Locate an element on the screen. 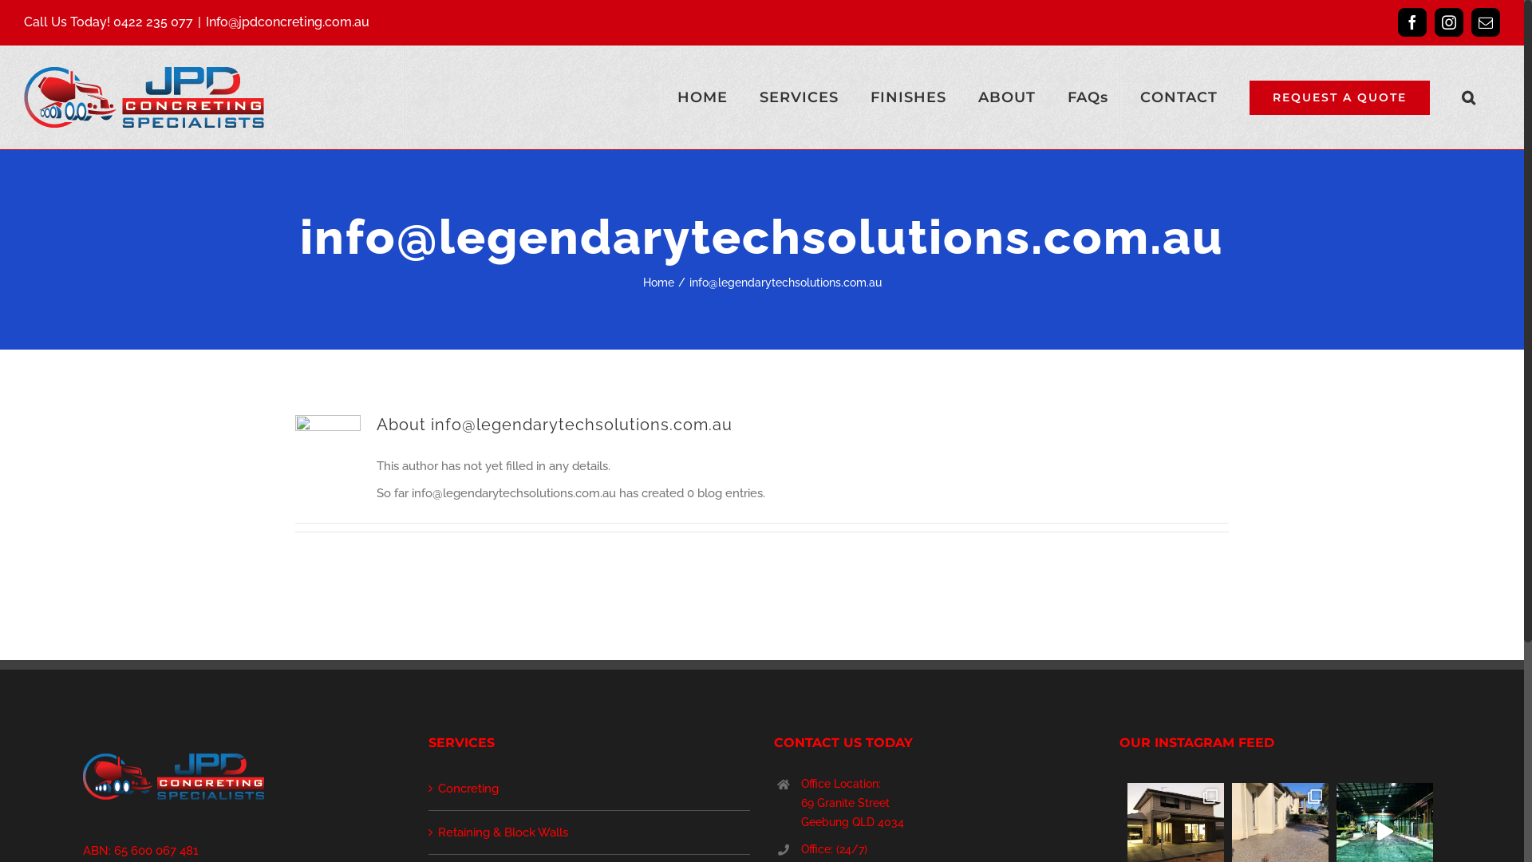 The height and width of the screenshot is (862, 1532). 'Search' is located at coordinates (1468, 97).